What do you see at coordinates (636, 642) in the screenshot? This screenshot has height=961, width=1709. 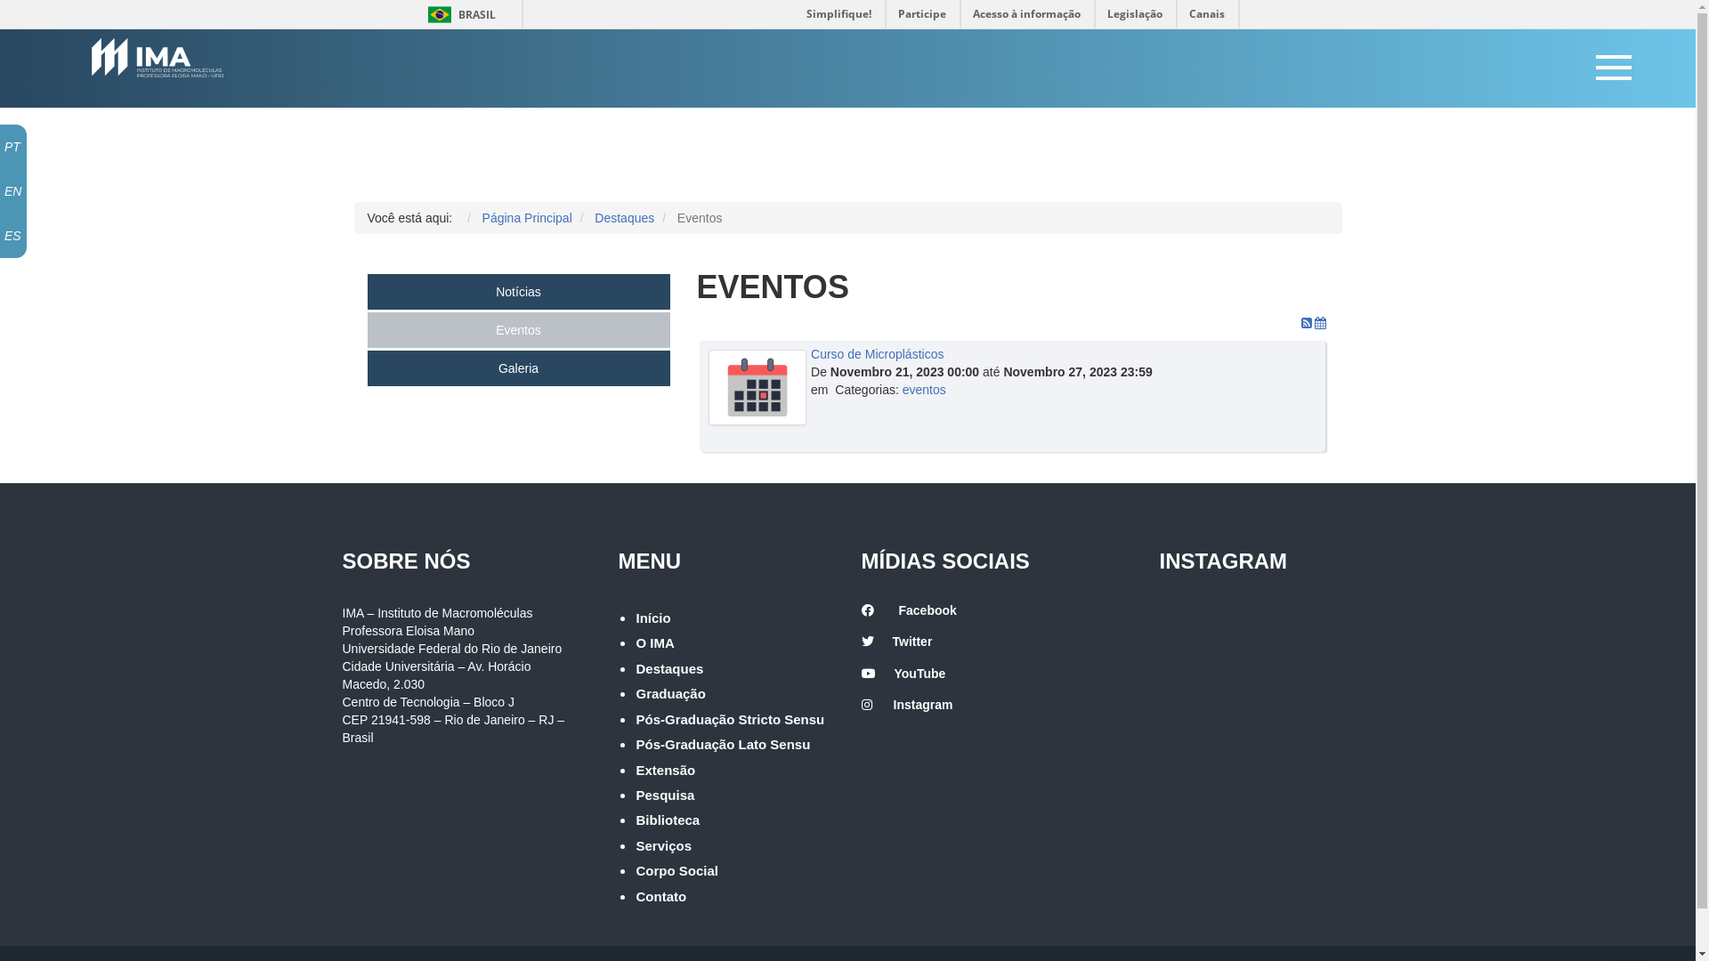 I see `'O IMA'` at bounding box center [636, 642].